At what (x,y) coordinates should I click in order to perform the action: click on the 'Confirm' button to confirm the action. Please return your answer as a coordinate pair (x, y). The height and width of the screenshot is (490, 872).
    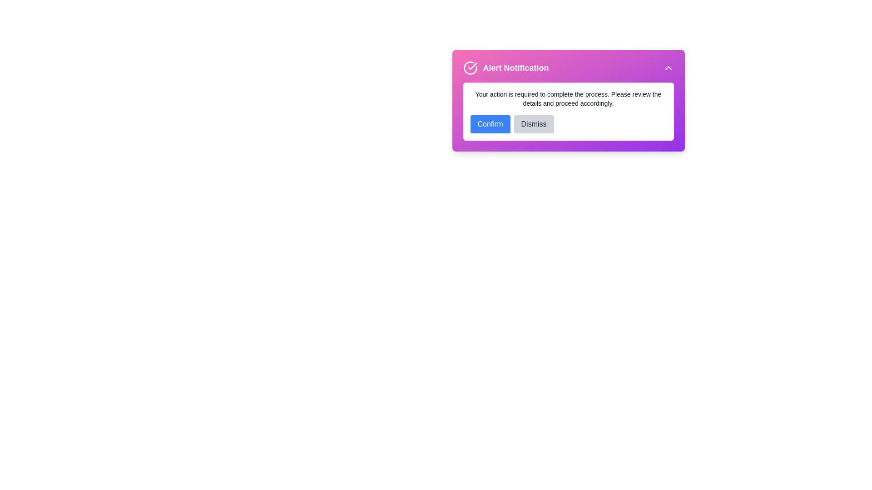
    Looking at the image, I should click on (490, 124).